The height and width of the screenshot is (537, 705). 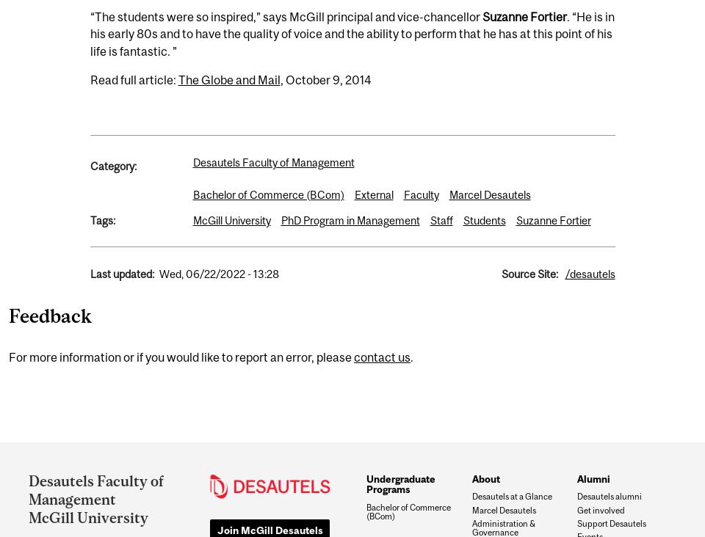 What do you see at coordinates (399, 483) in the screenshot?
I see `'Undergraduate Programs'` at bounding box center [399, 483].